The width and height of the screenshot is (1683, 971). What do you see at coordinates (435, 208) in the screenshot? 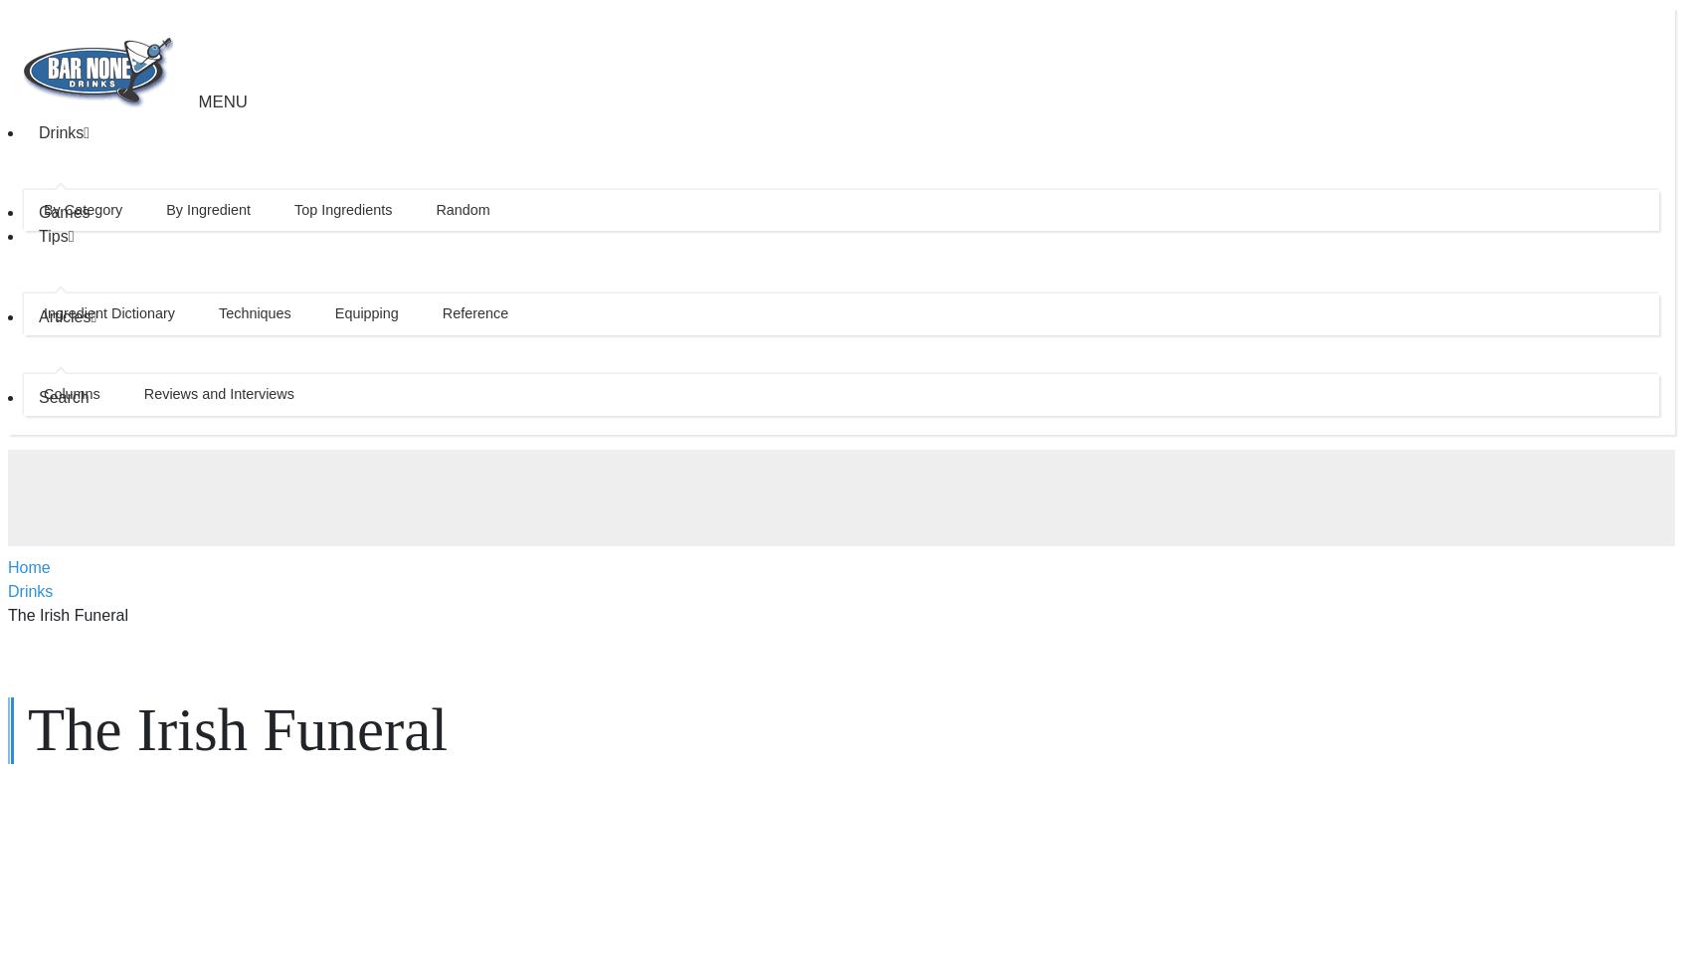
I see `'Random'` at bounding box center [435, 208].